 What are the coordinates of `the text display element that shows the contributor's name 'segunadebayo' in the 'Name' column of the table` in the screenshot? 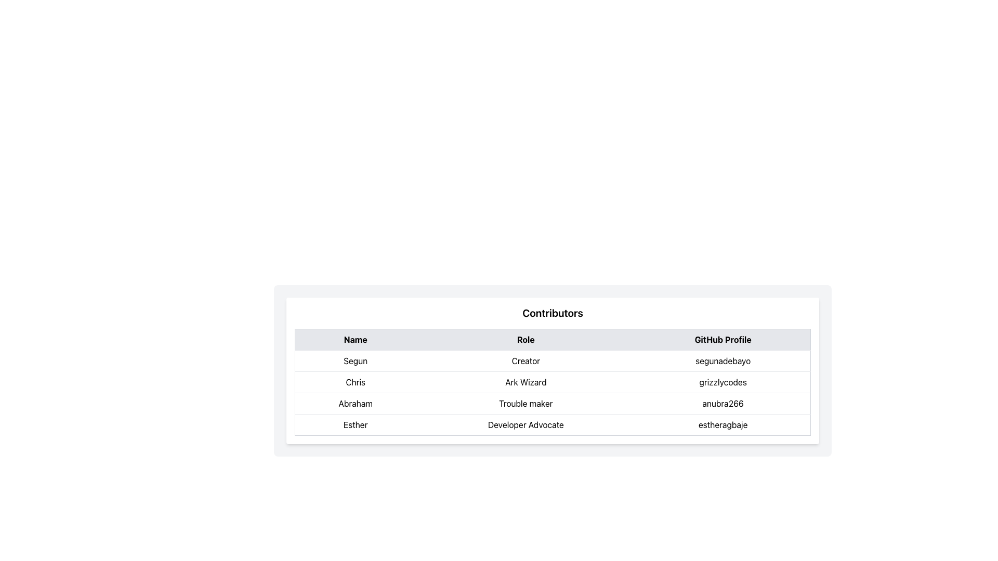 It's located at (355, 360).